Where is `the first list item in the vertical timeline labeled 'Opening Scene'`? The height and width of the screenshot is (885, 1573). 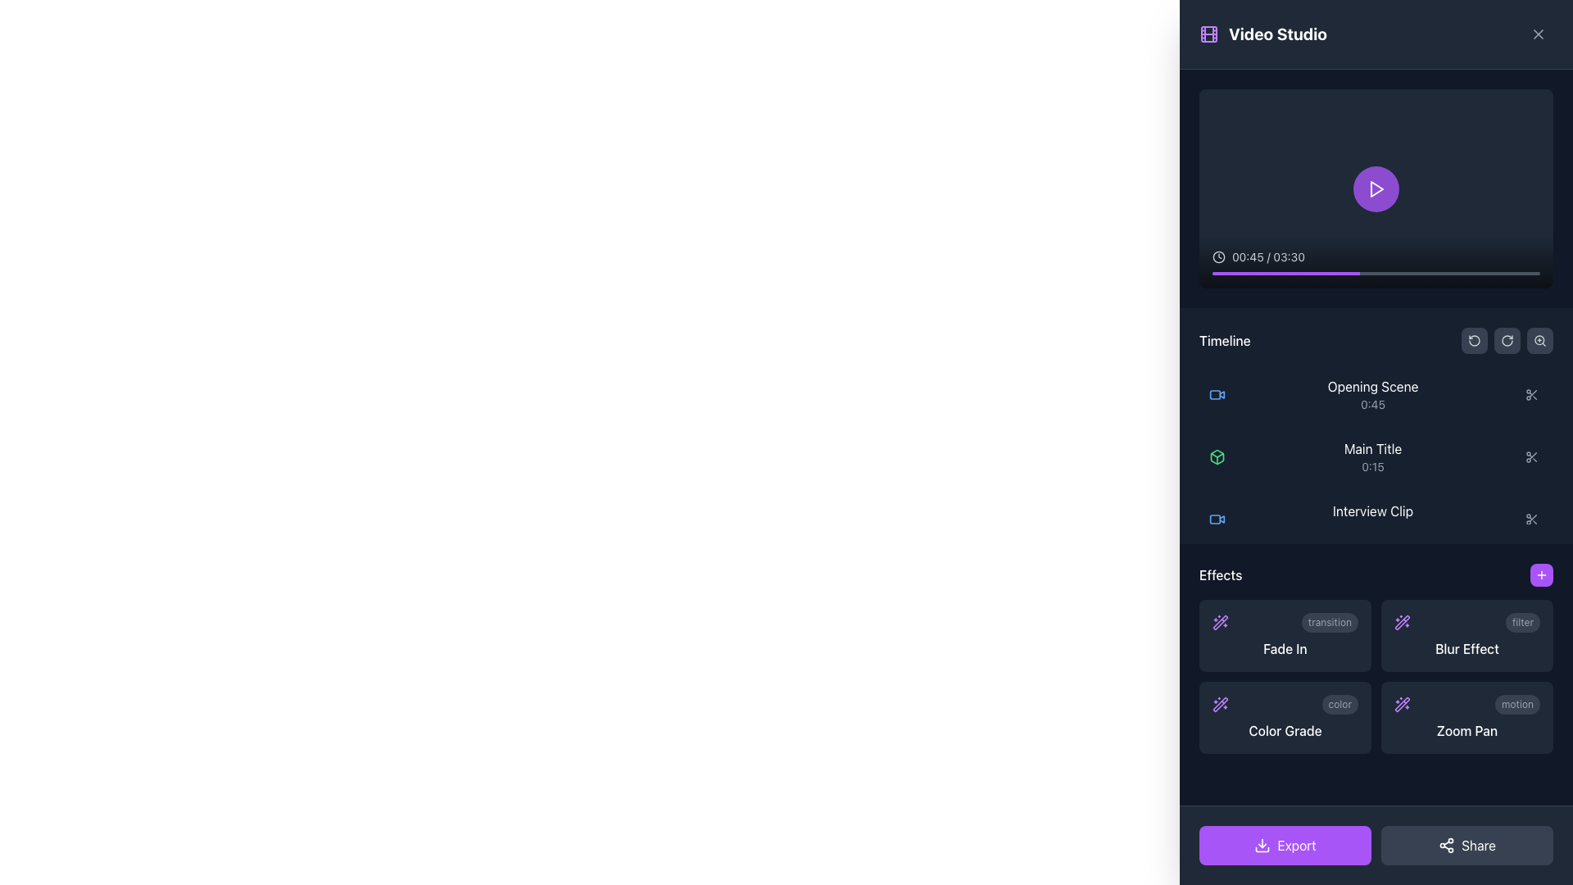
the first list item in the vertical timeline labeled 'Opening Scene' is located at coordinates (1376, 395).